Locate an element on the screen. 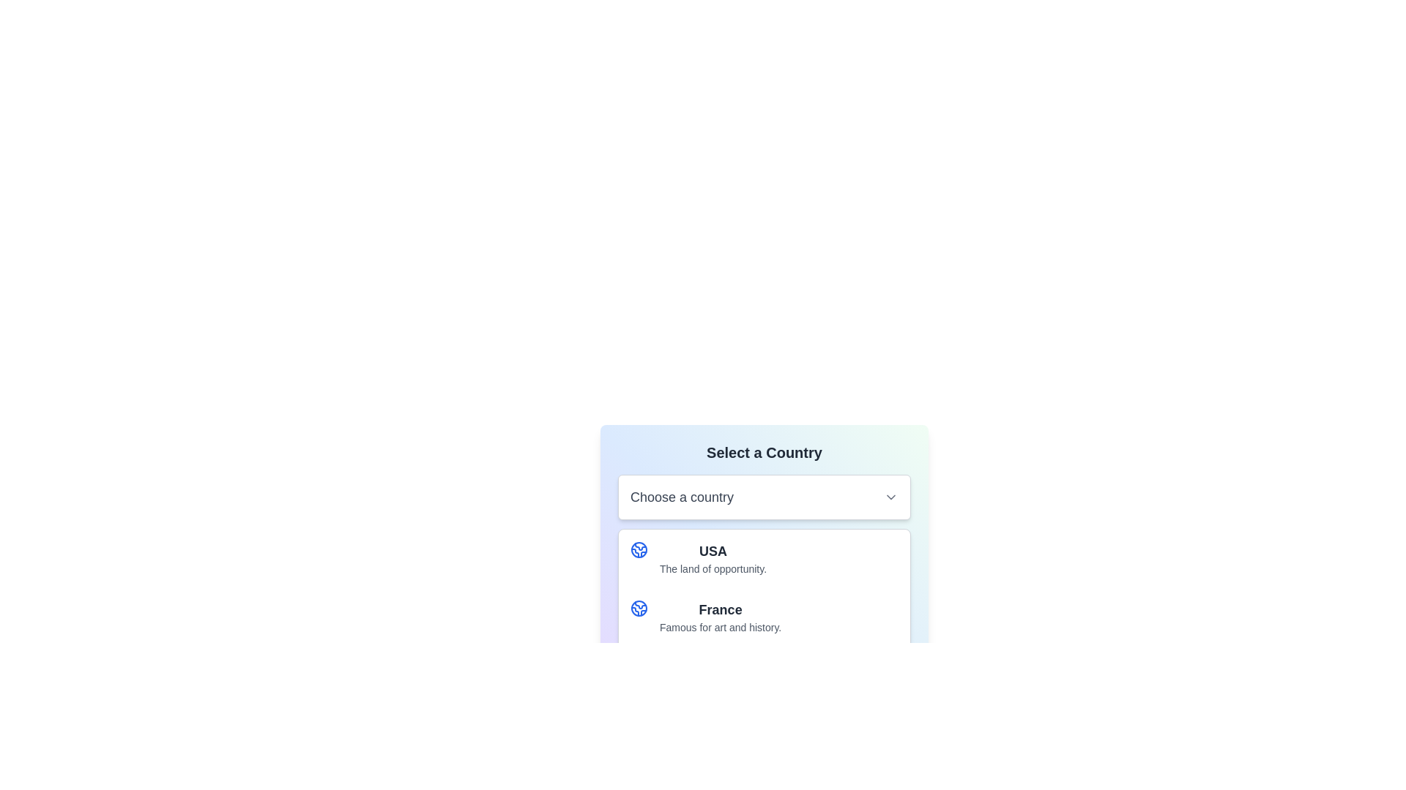  the geographical connection icon located to the left of the text 'France' in the list of countries by moving the cursor to its center point is located at coordinates (639, 609).